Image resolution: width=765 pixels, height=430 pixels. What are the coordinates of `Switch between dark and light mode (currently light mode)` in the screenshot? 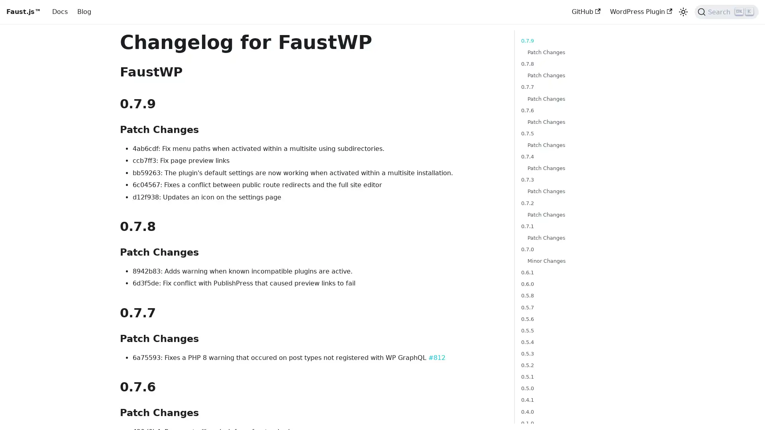 It's located at (683, 12).